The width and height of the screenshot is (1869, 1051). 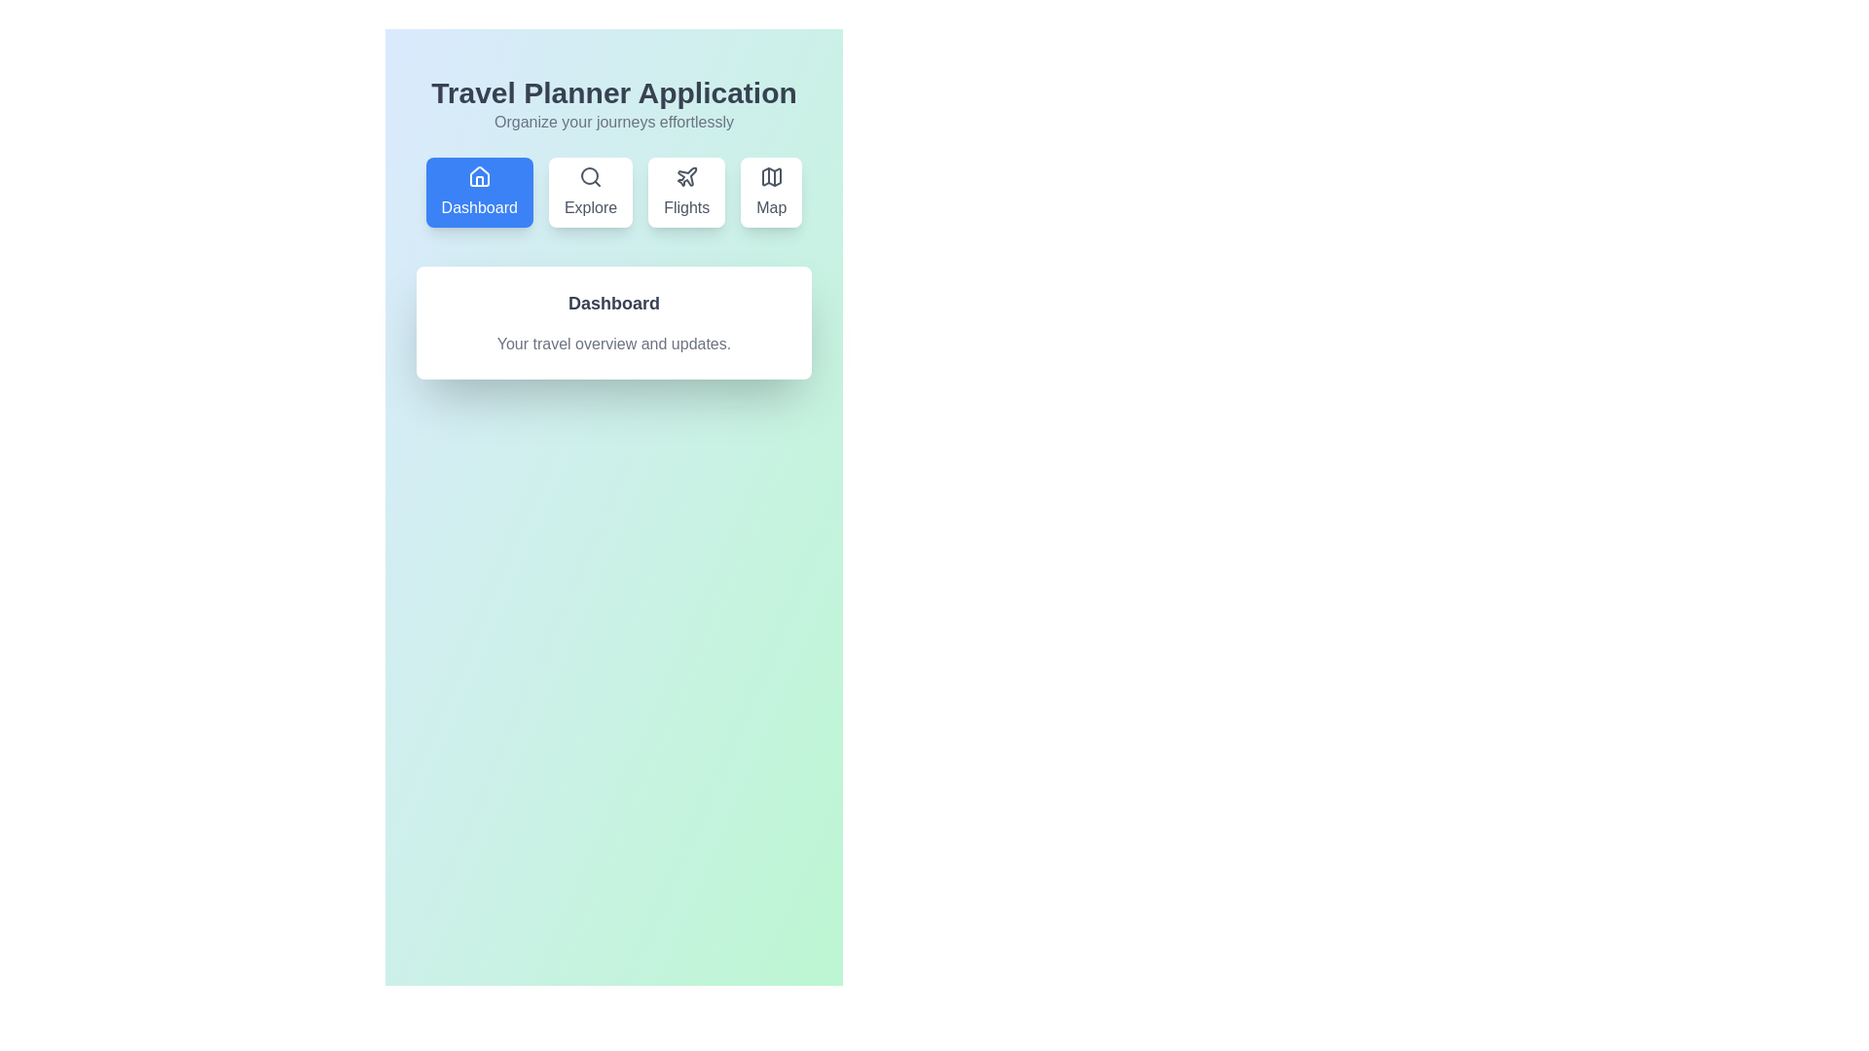 I want to click on the Flights tab to select it, so click(x=686, y=192).